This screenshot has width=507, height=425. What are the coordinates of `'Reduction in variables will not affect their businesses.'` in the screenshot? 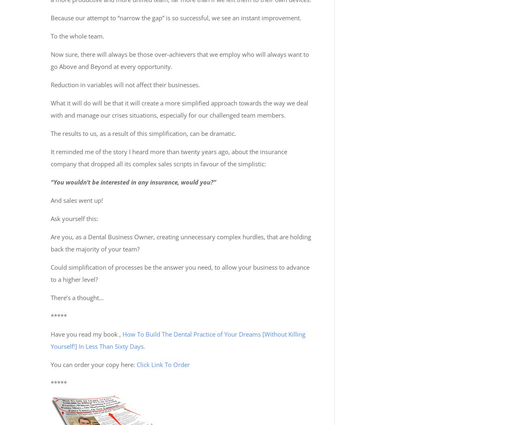 It's located at (125, 84).